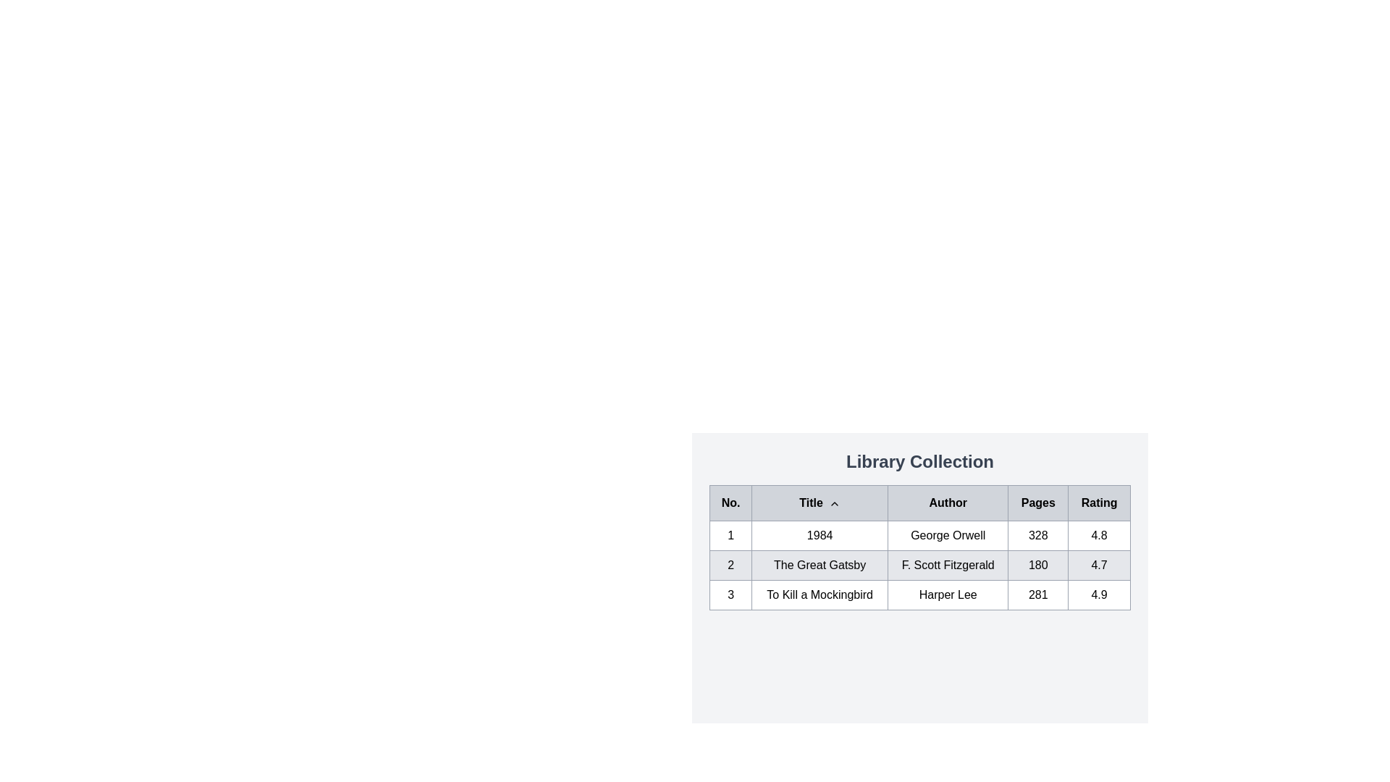 This screenshot has height=782, width=1390. What do you see at coordinates (948, 594) in the screenshot?
I see `the table cell in the third column of the third row under the 'Author' header, which displays the author of 'To Kill a Mockingbird'` at bounding box center [948, 594].